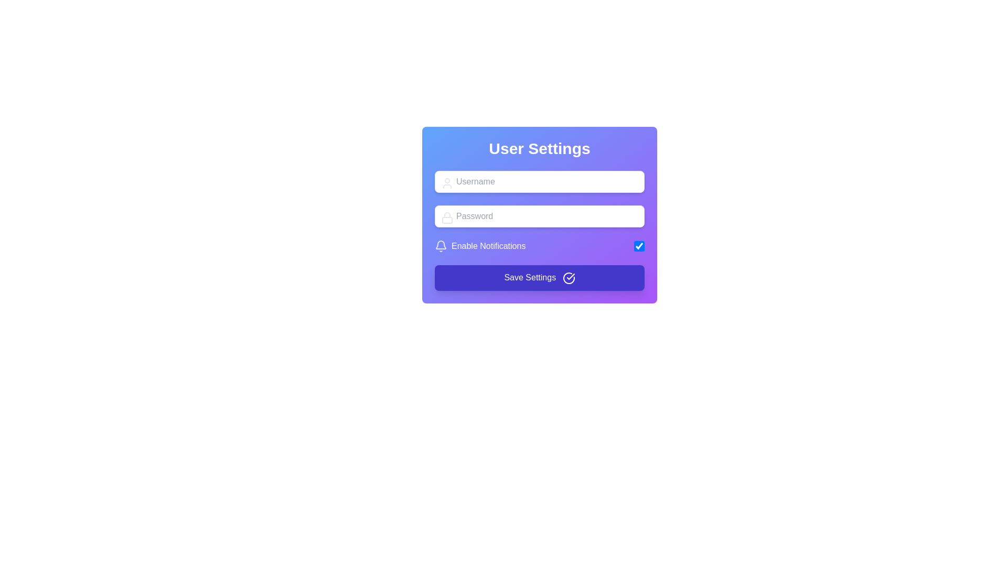  I want to click on the 'Save Settings' button with a vibrant indigo background and white bold text, located at the bottom of the card layout, so click(539, 277).